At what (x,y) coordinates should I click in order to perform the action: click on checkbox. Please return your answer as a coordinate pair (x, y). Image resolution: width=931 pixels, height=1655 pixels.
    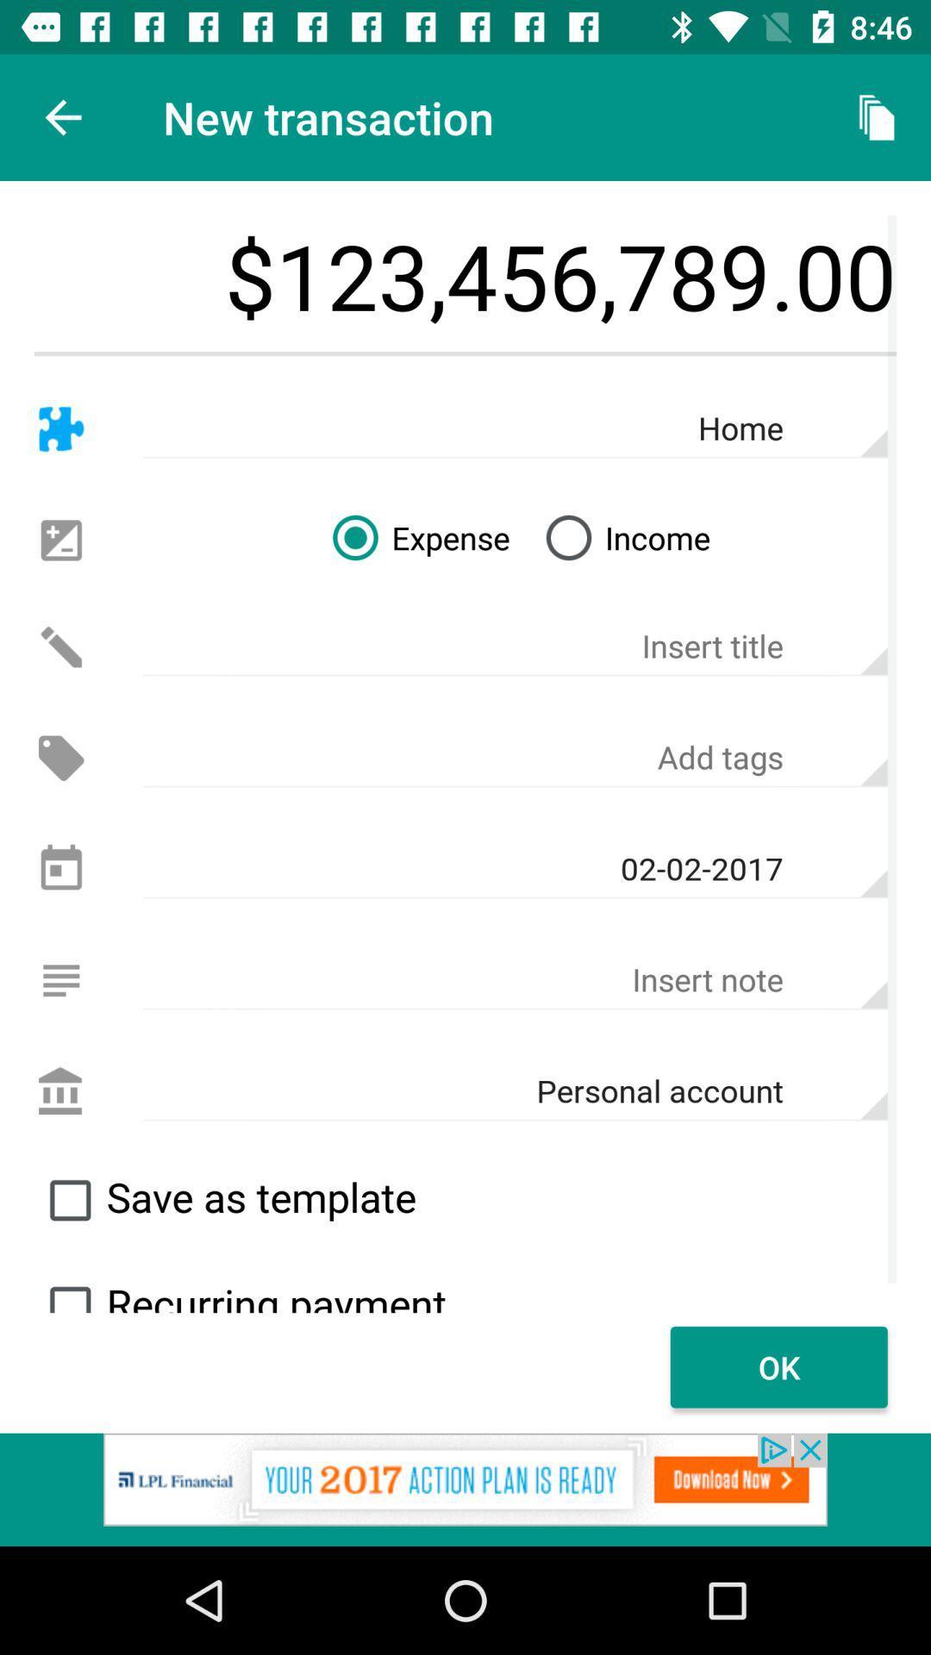
    Looking at the image, I should click on (69, 1199).